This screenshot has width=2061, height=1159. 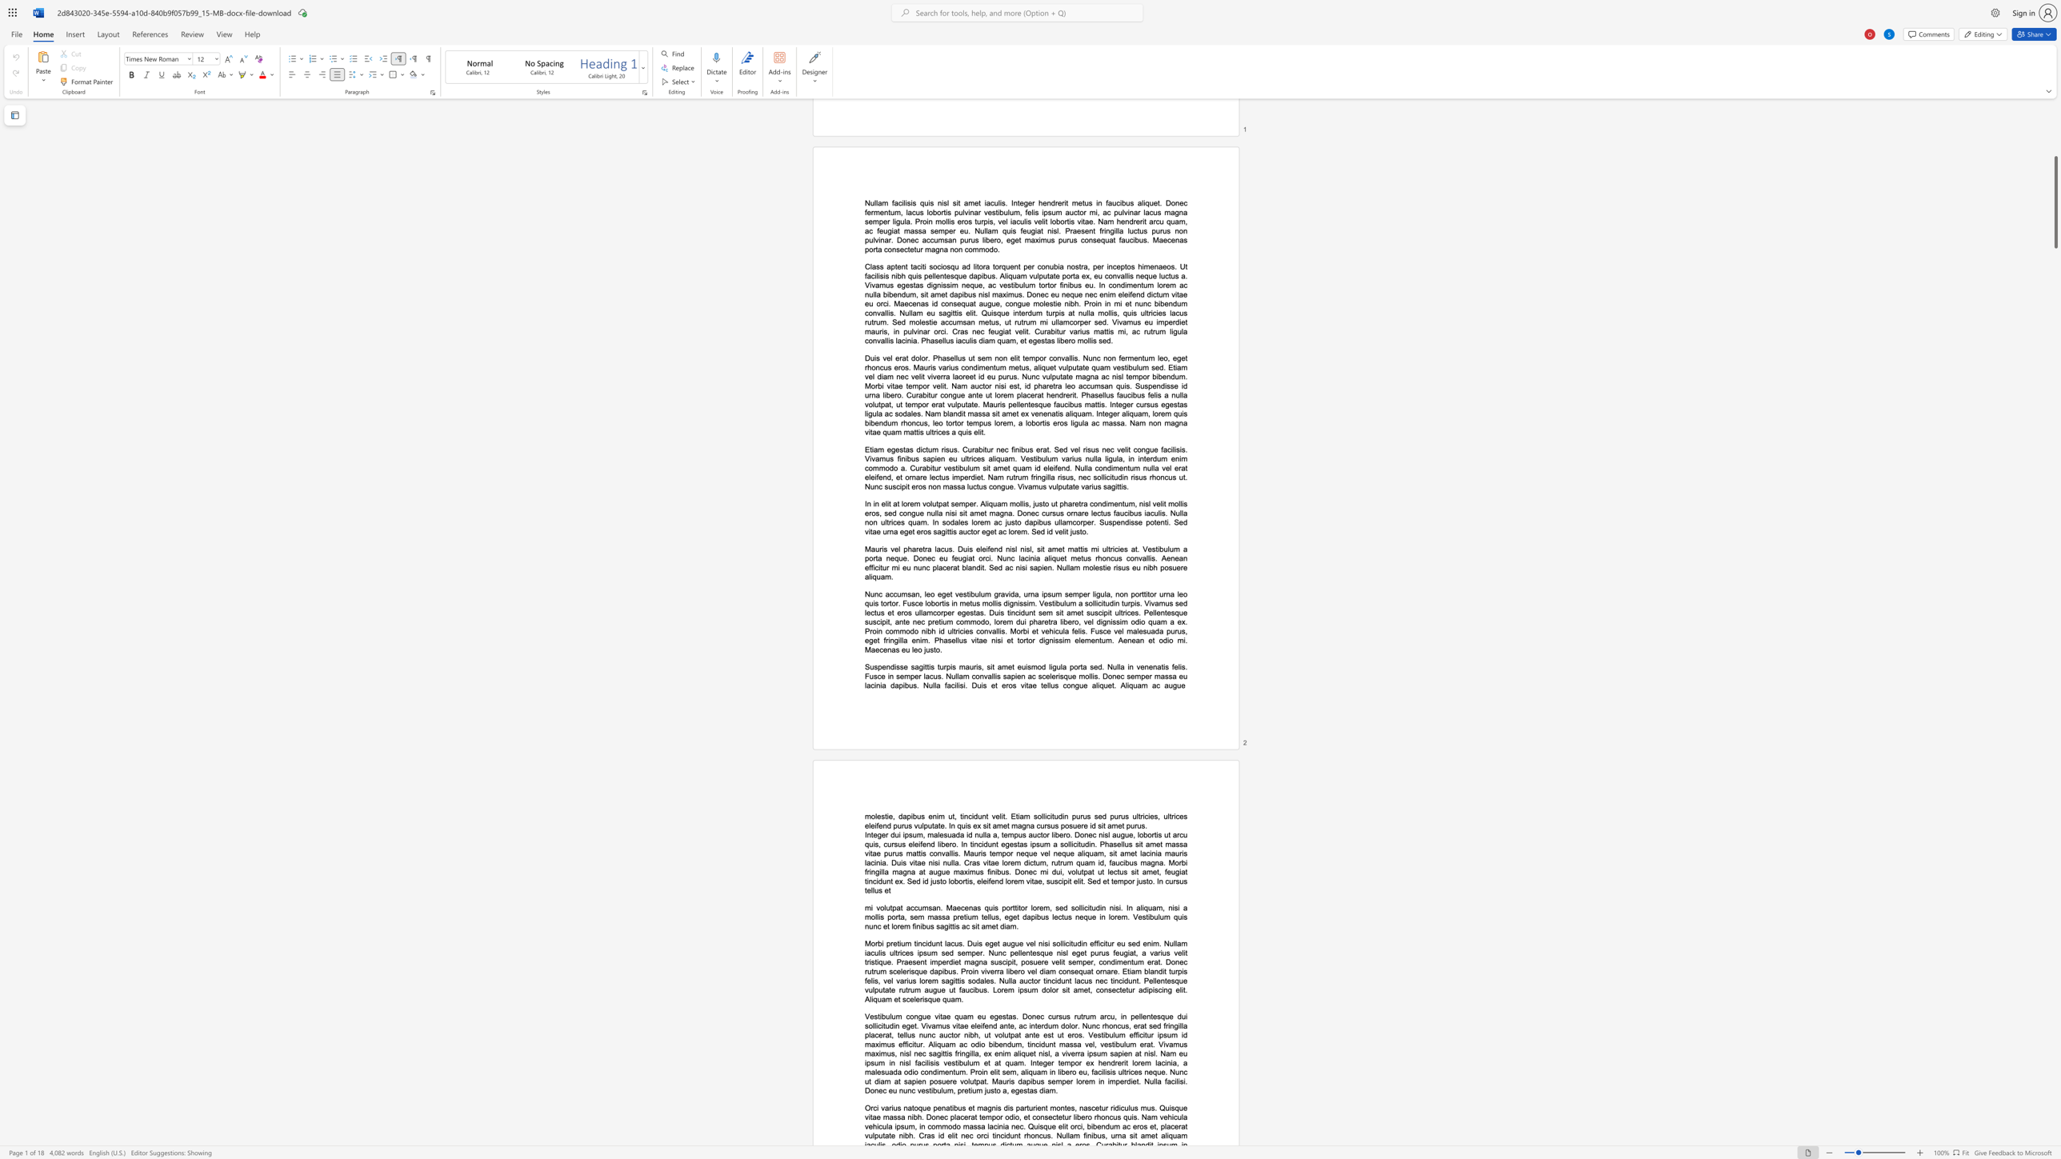 What do you see at coordinates (946, 999) in the screenshot?
I see `the subset text "uam" within the text "Morbi pretium tincidunt lacus. Duis eget augue vel nisi sollicitudin efficitur eu sed enim. Nullam iaculis ultrices ipsum sed semper. Nunc pellentesque nisl eget purus feugiat, a varius velit tristique. Praesent imperdiet magna suscipit, posuere velit semper, condimentum erat. Donec rutrum scelerisque dapibus. Proin viverra libero vel diam consequat ornare. Etiam blandit turpis felis, vel varius lorem sagittis sodales. Nulla auctor tincidunt lacus nec tincidunt. Pellentesque vulputate rutrum augue ut faucibus. Lorem ipsum dolor sit amet, consectetur adipiscing elit. Aliquam et scelerisque quam."` at bounding box center [946, 999].